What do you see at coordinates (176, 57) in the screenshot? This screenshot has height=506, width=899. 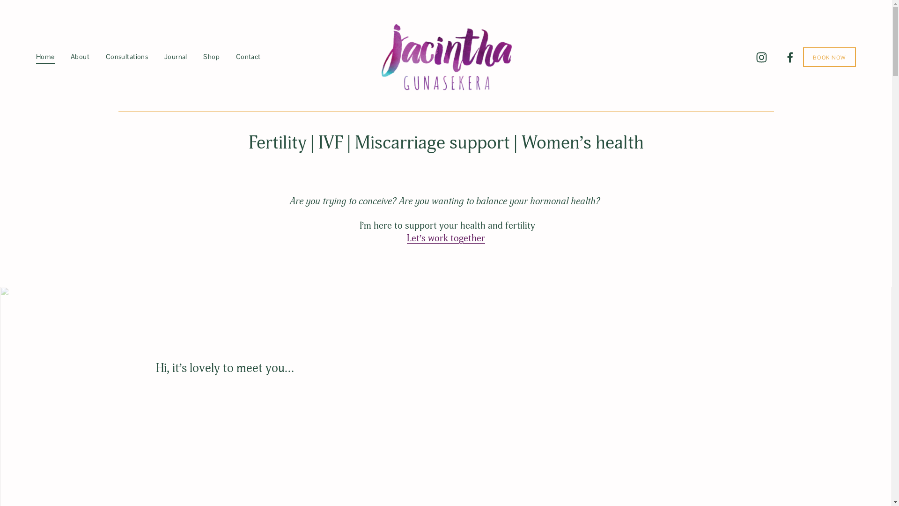 I see `'Journal'` at bounding box center [176, 57].